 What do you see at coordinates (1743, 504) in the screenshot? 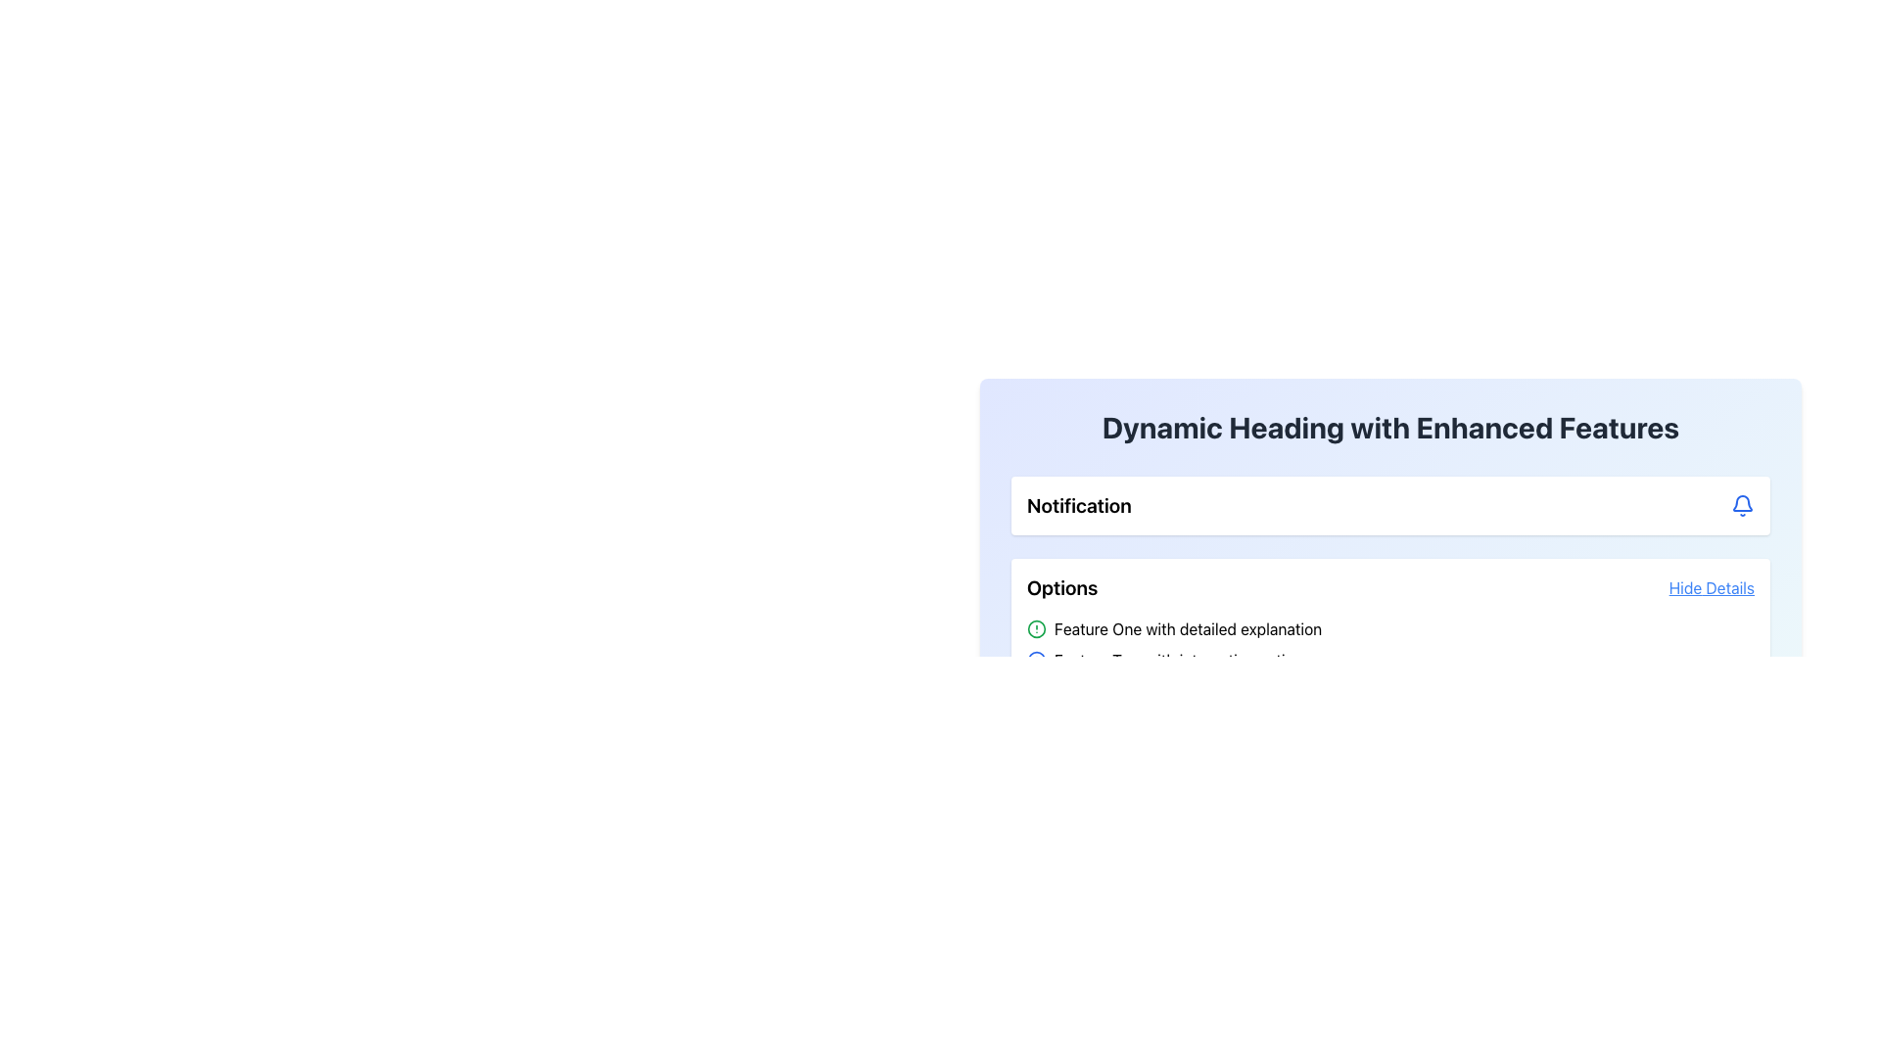
I see `the bell icon, which is a blue SVG icon with a stroke width of 2px located on the top-right corner of the 'Notification' section header` at bounding box center [1743, 504].